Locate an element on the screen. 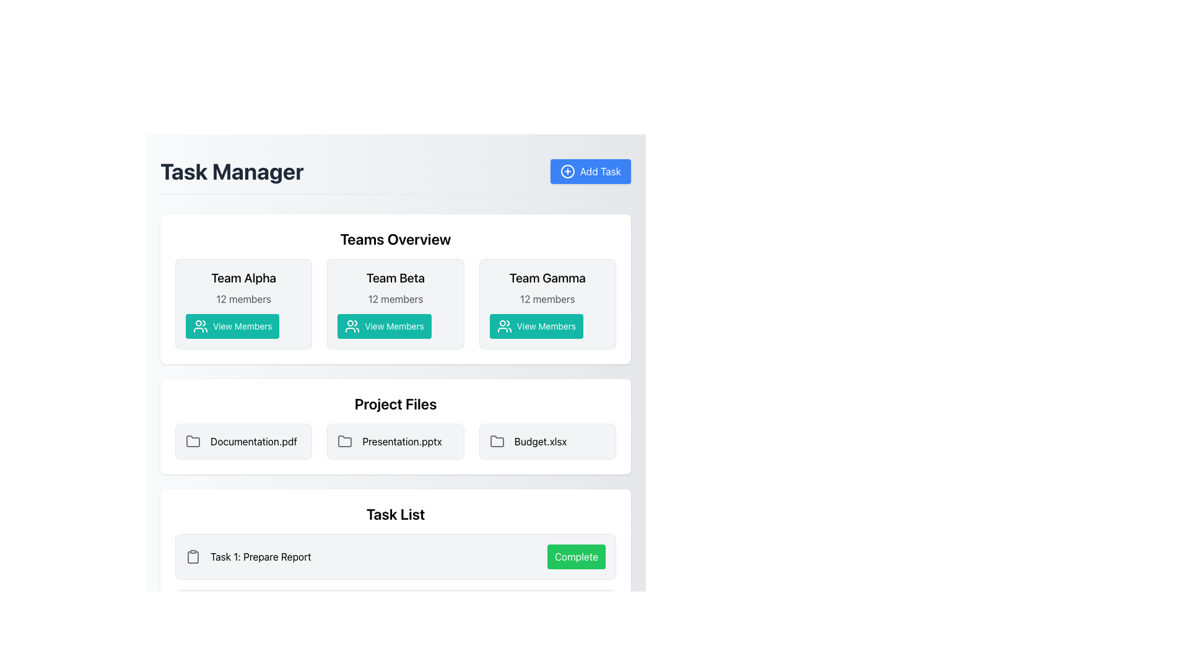  the 'View Members' button with teal color and white text located in the 'Teams Overview' section under the 'Team Alpha' card is located at coordinates (232, 326).